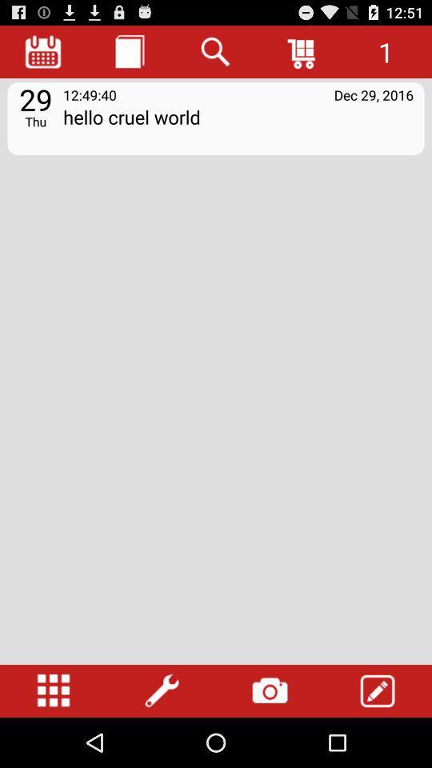 Image resolution: width=432 pixels, height=768 pixels. I want to click on open settings, so click(162, 690).